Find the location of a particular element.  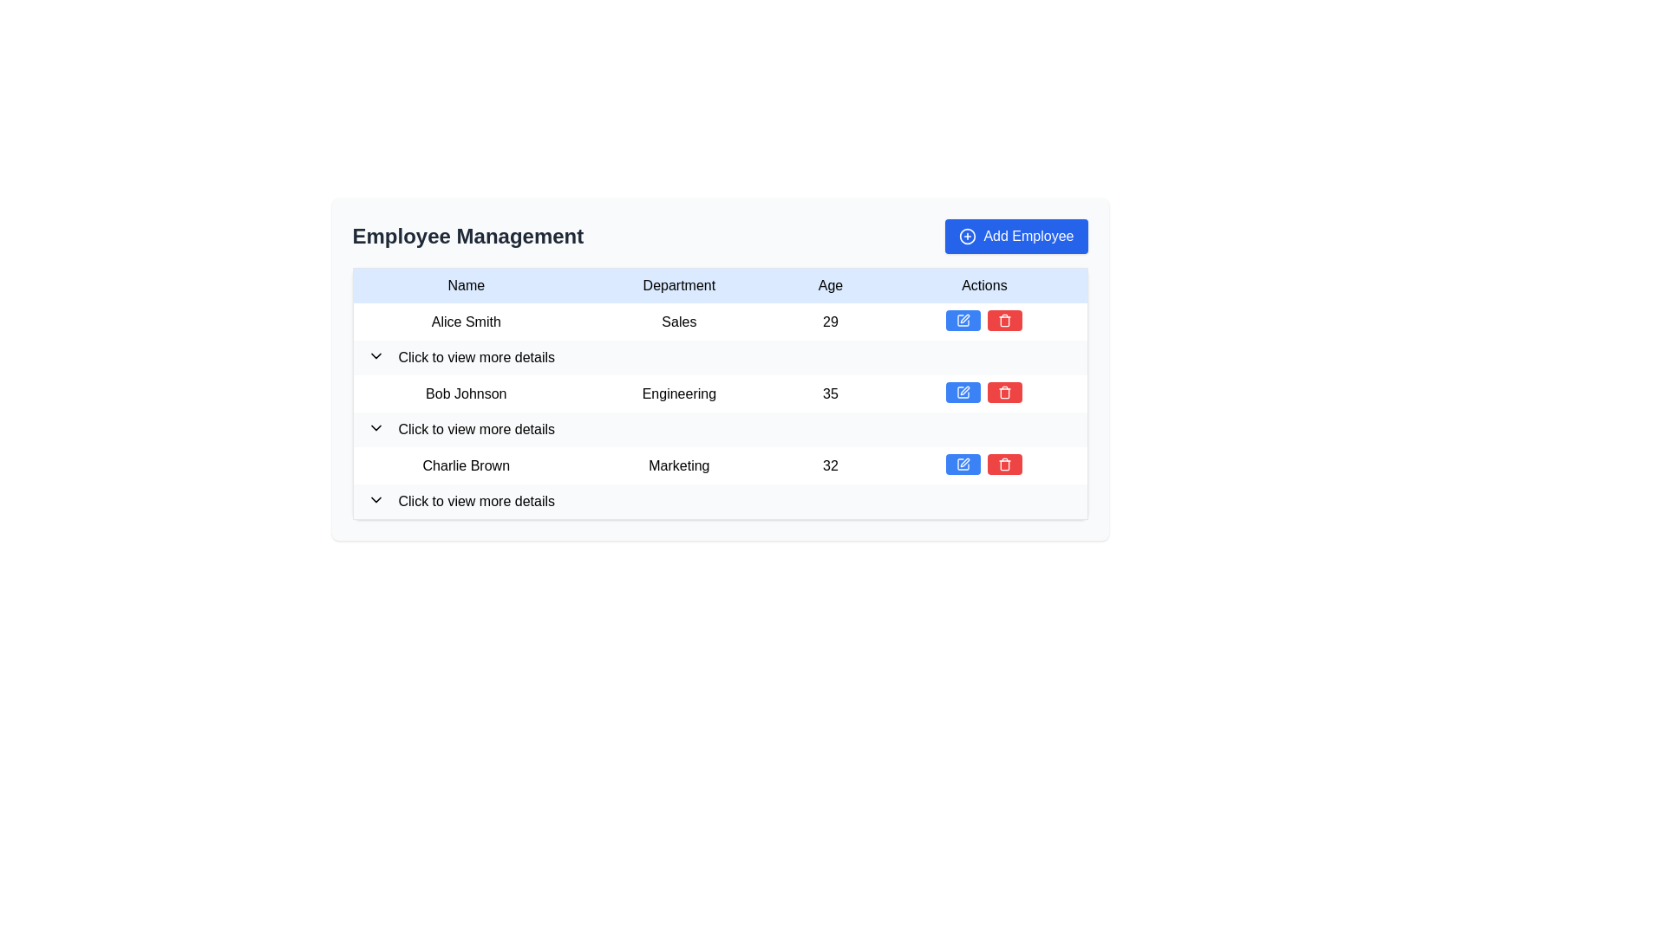

the static text label indicating the names of individuals in the first column of the table, which serves as a header for the table is located at coordinates (466, 284).